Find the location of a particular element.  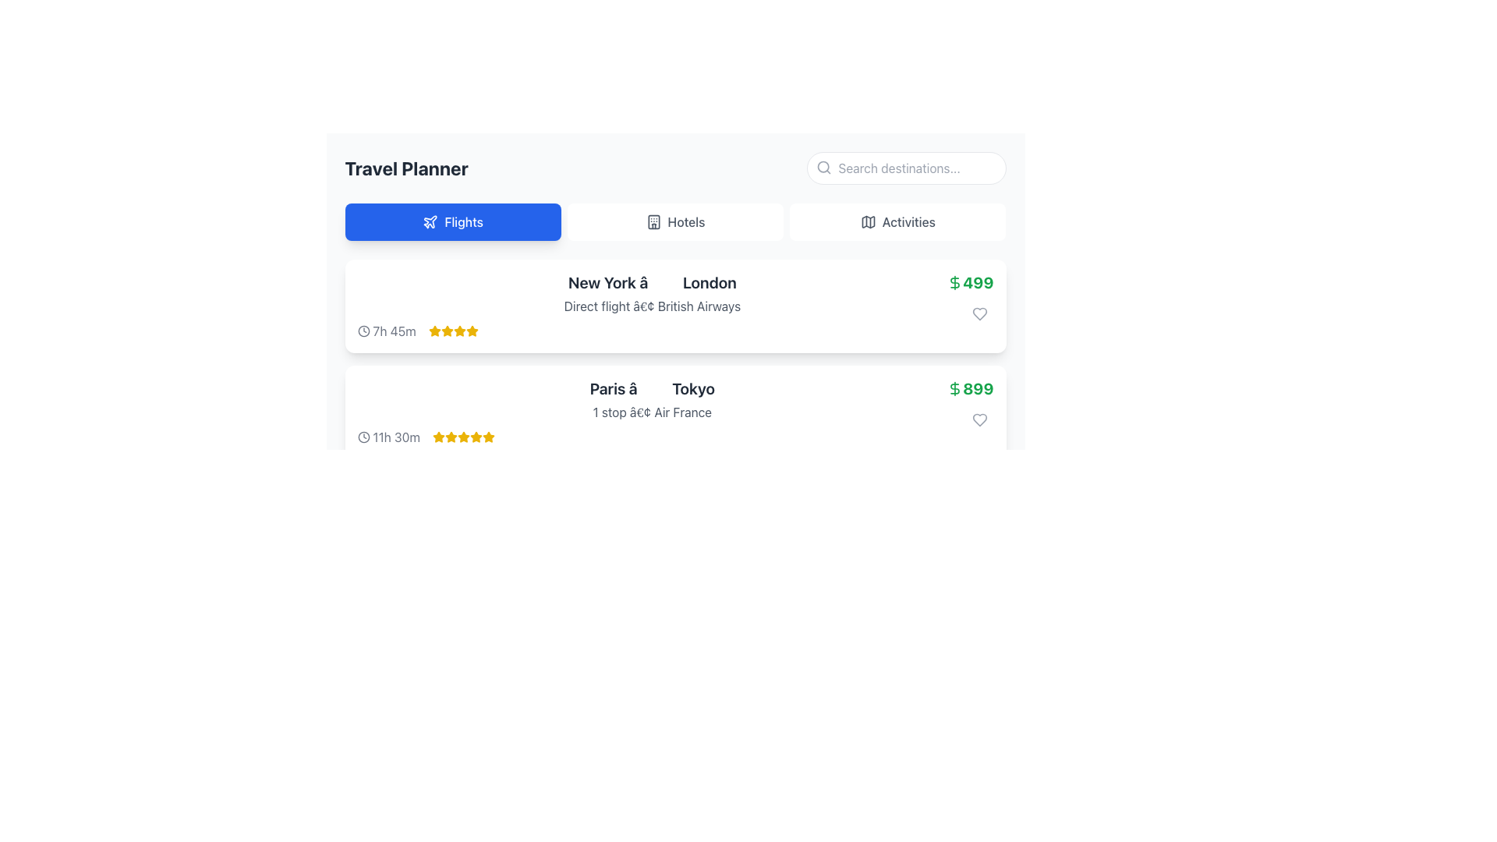

the map icon located to the left of the text 'Activities' in the top navigation bar is located at coordinates (867, 222).